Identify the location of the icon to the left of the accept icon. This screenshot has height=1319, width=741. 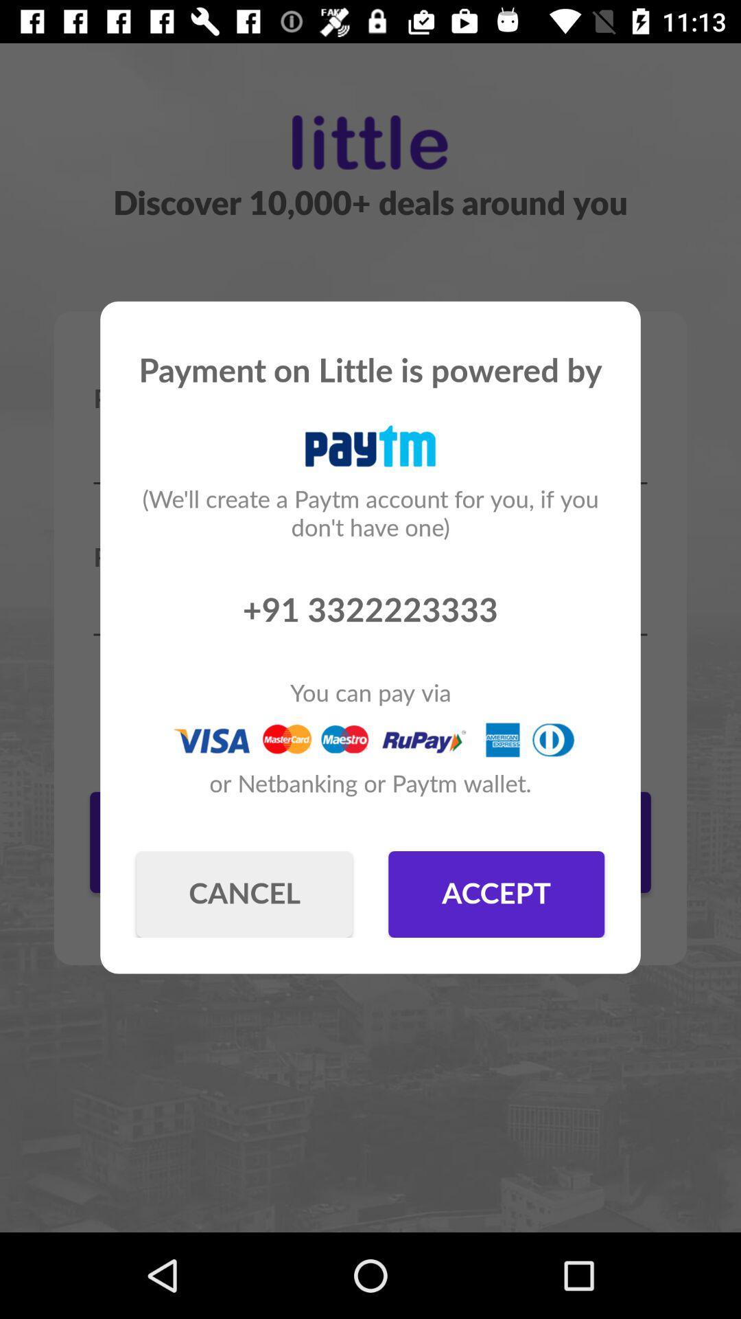
(244, 894).